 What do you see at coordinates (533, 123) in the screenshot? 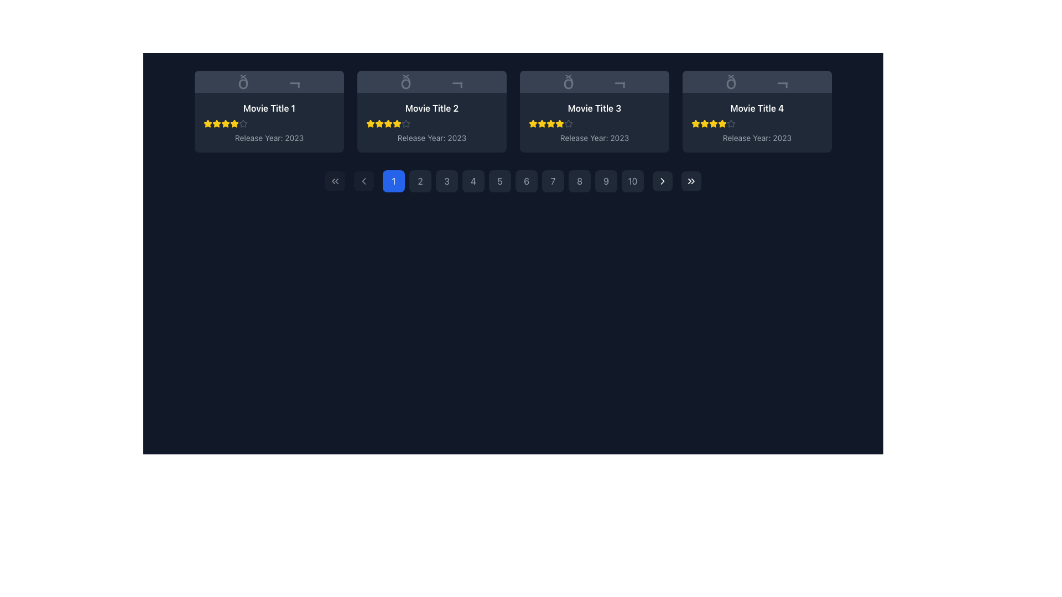
I see `the first yellow rating star icon located below 'Movie Title 3'` at bounding box center [533, 123].